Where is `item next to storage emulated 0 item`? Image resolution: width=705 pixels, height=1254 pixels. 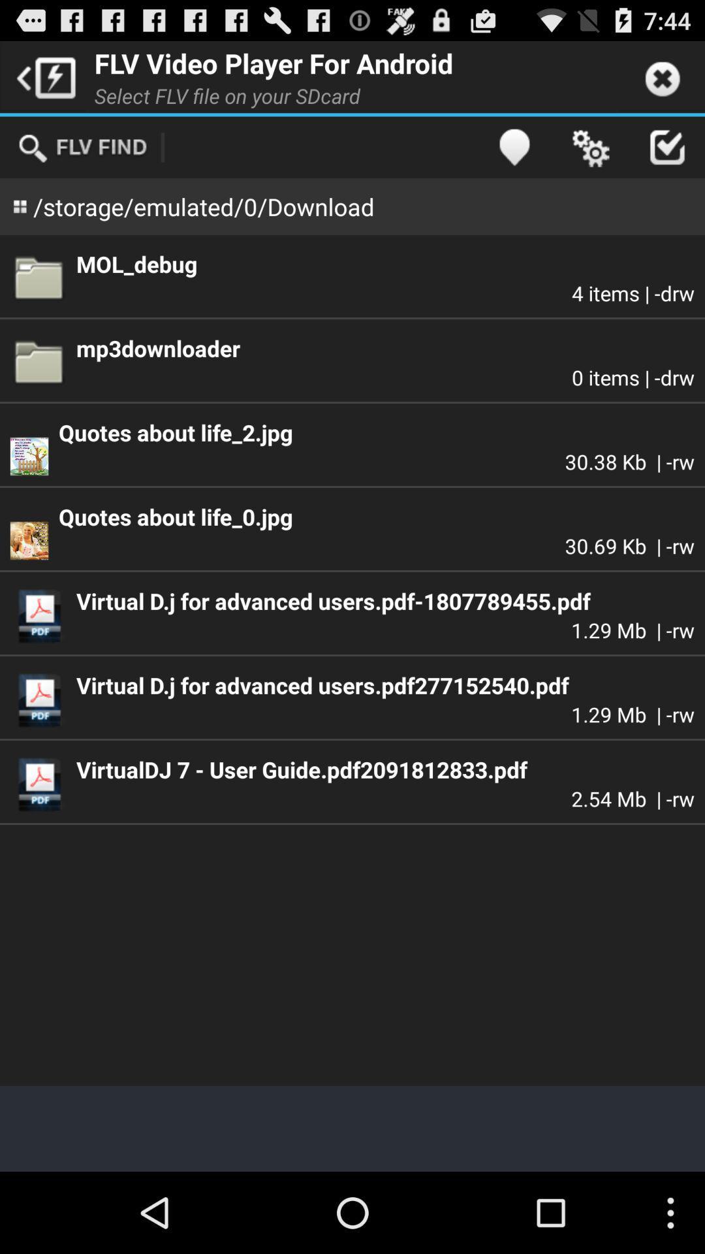
item next to storage emulated 0 item is located at coordinates (513, 147).